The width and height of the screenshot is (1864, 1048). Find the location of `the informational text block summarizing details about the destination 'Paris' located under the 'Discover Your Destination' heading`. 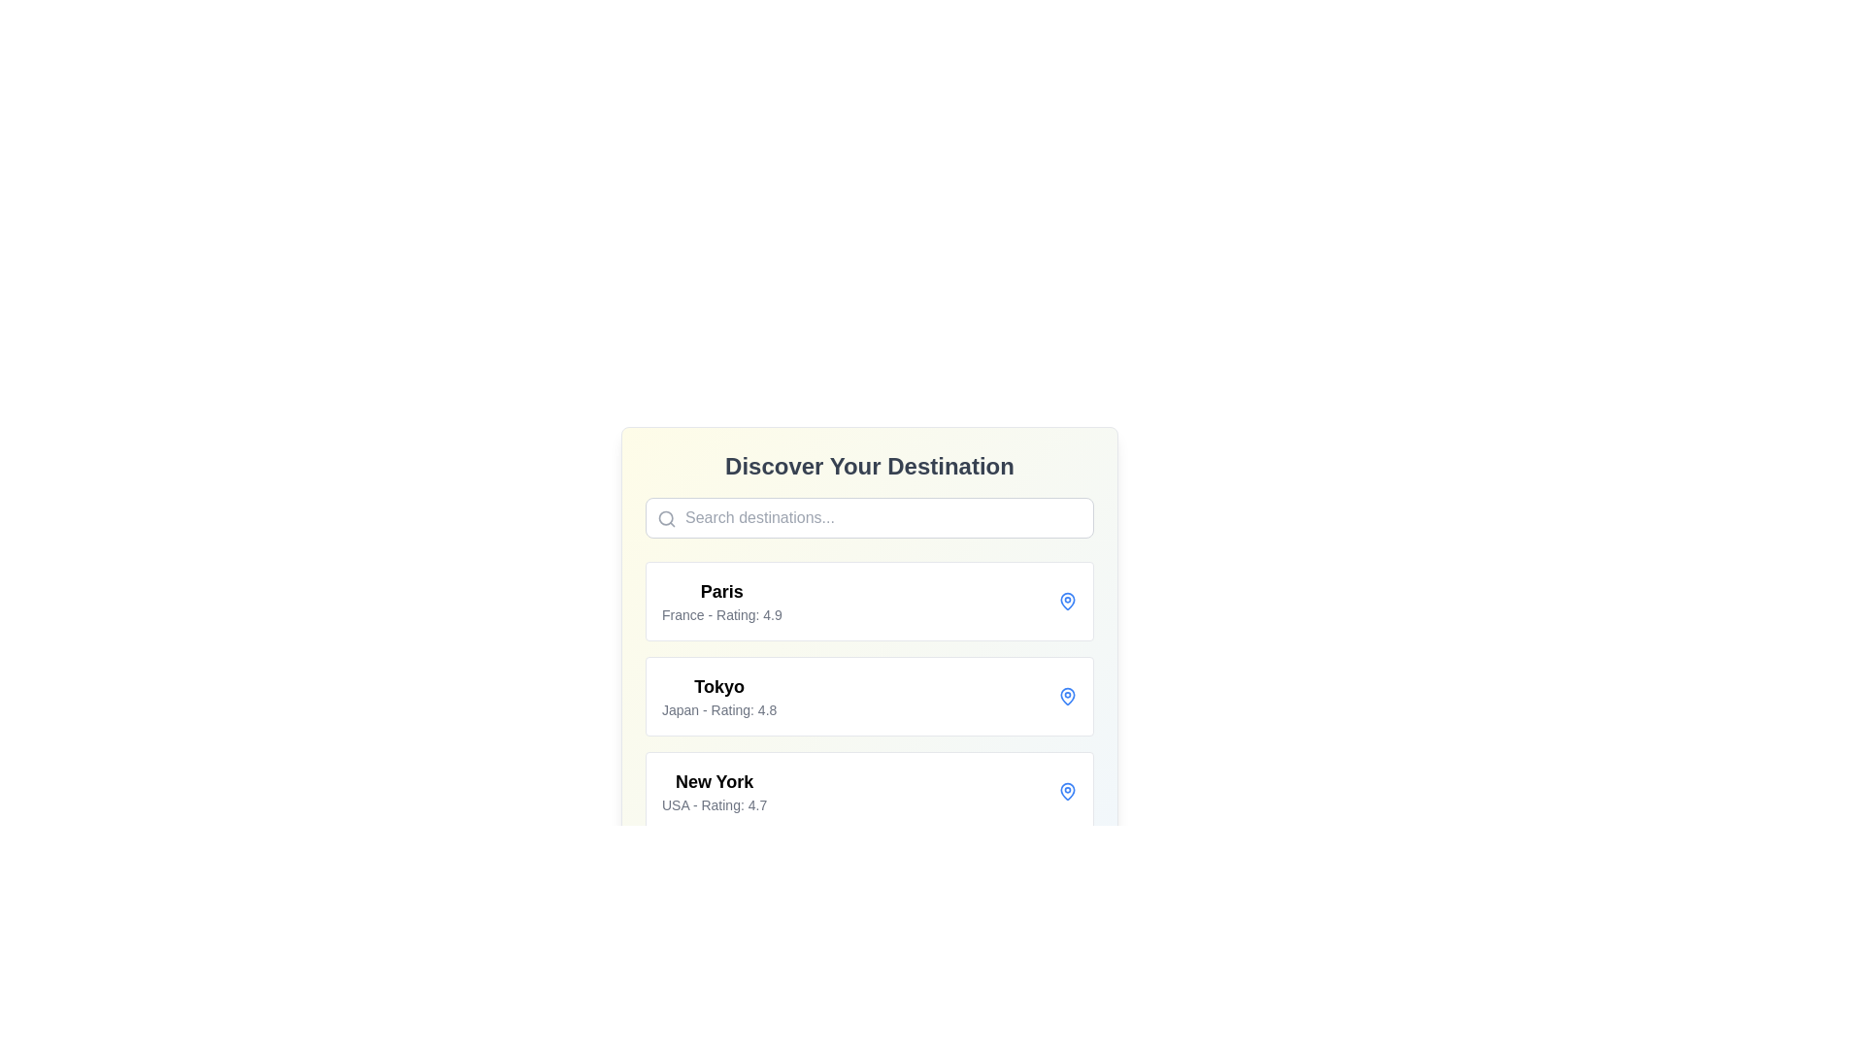

the informational text block summarizing details about the destination 'Paris' located under the 'Discover Your Destination' heading is located at coordinates (720, 601).